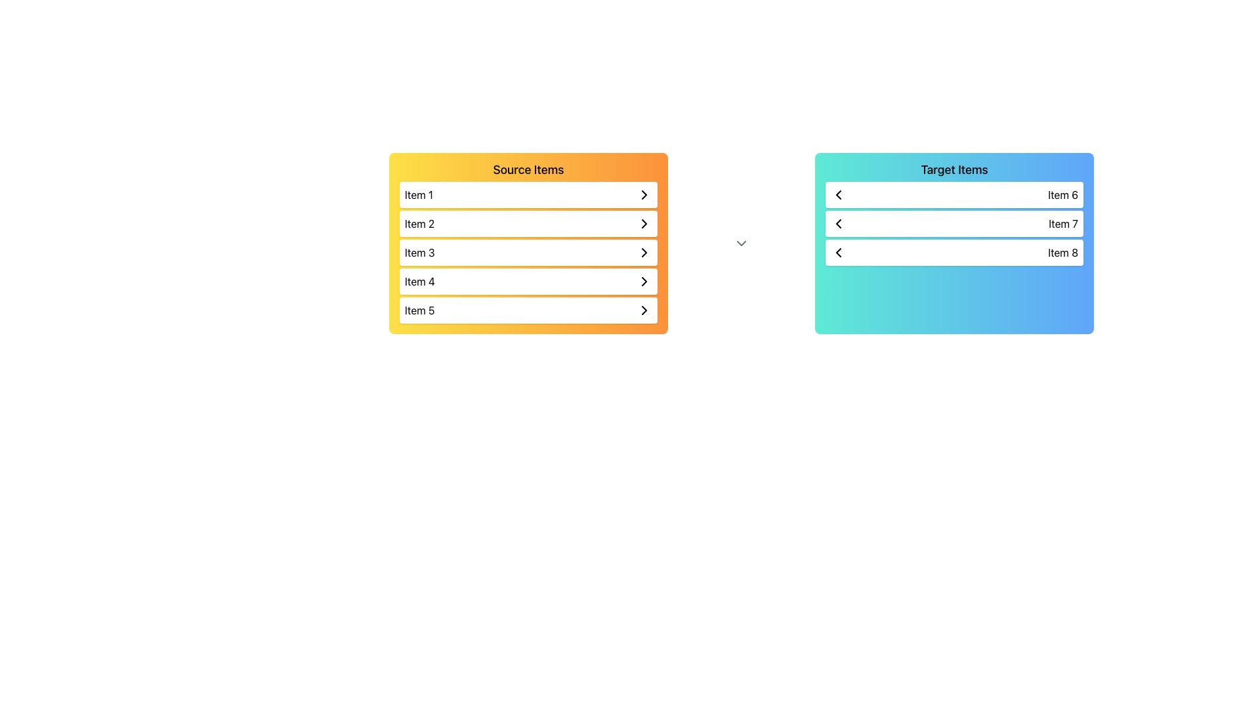 The width and height of the screenshot is (1260, 709). I want to click on the text label displaying 'Item 2' within the yellow-to-orange gradient panel labeled 'Source Items' for additional information, so click(419, 223).